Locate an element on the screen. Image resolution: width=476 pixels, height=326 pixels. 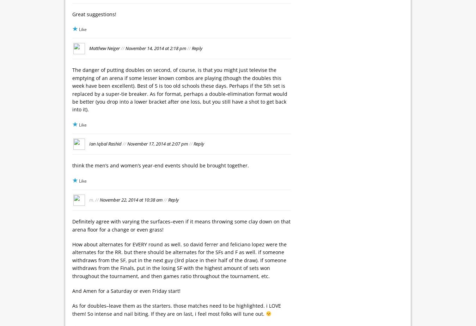
'think the men’s and women’s year-end events should be brought together.' is located at coordinates (72, 165).